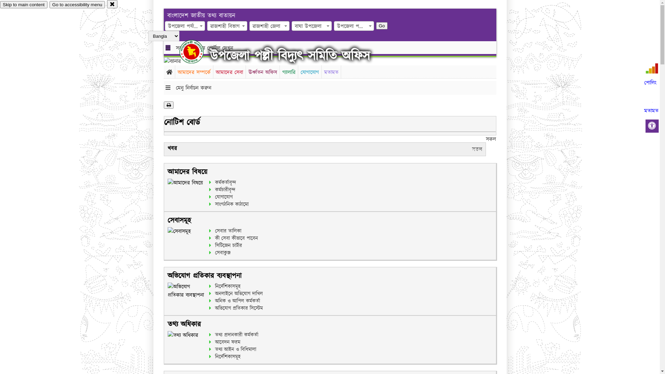 The height and width of the screenshot is (374, 665). Describe the element at coordinates (197, 51) in the screenshot. I see `'` at that location.